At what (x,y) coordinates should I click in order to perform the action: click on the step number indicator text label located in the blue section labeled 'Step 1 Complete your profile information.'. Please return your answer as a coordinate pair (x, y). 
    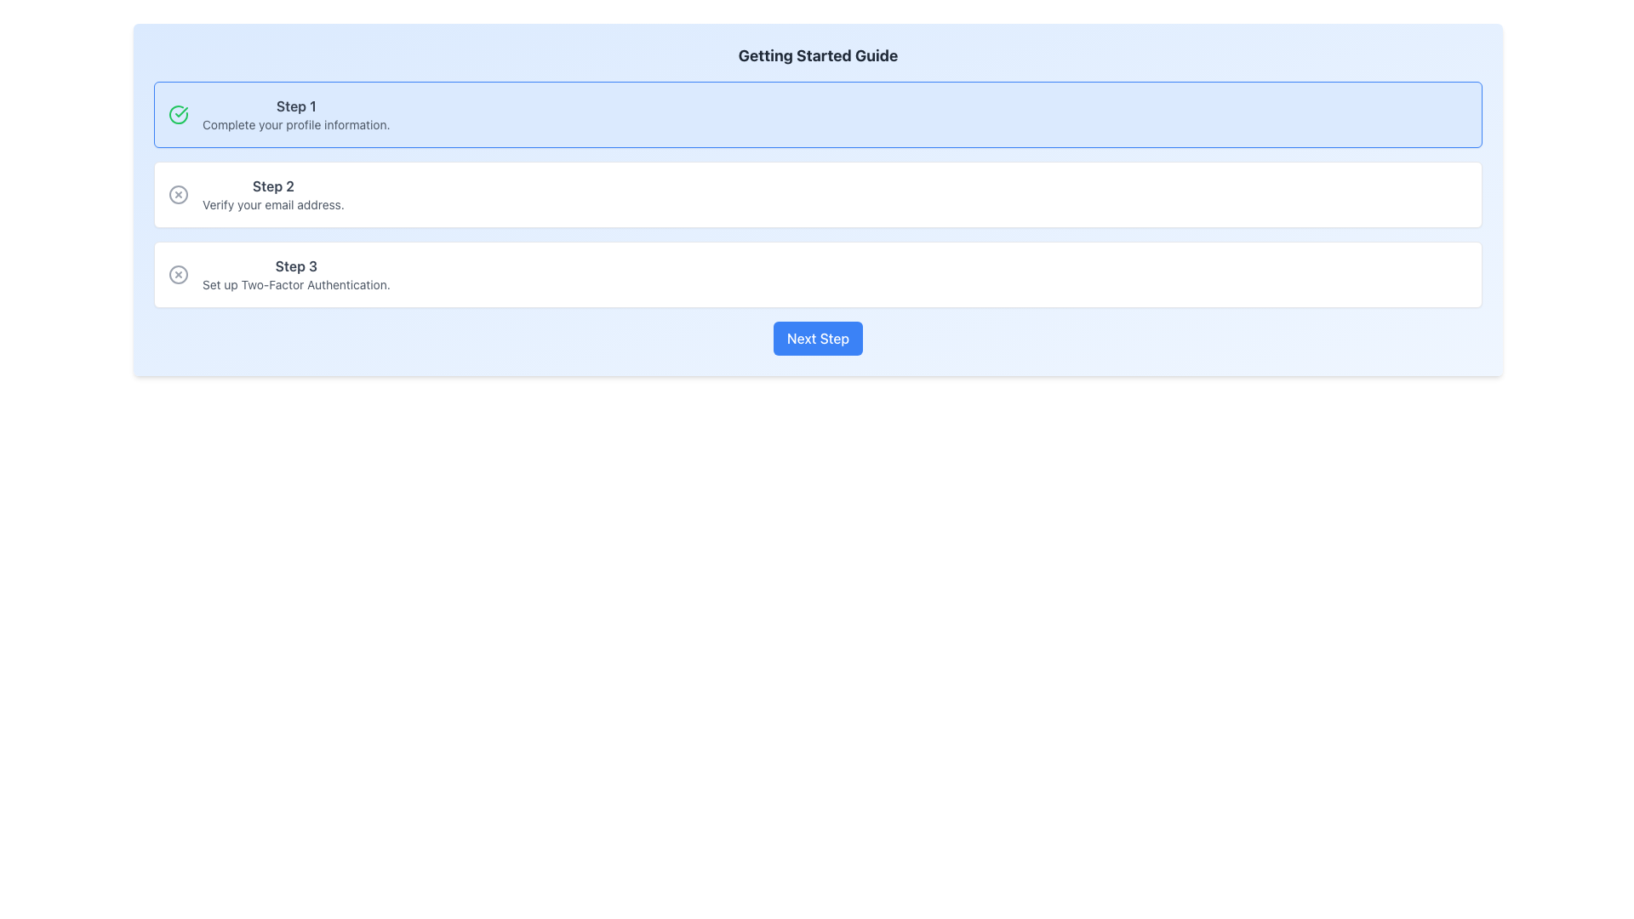
    Looking at the image, I should click on (296, 106).